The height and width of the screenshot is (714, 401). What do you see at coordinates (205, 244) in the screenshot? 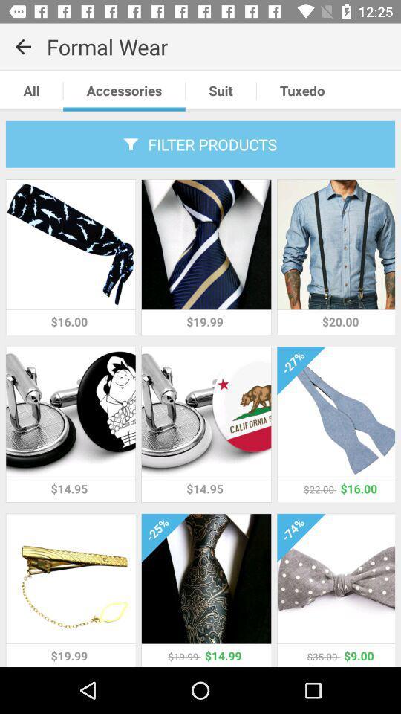
I see `the second picture` at bounding box center [205, 244].